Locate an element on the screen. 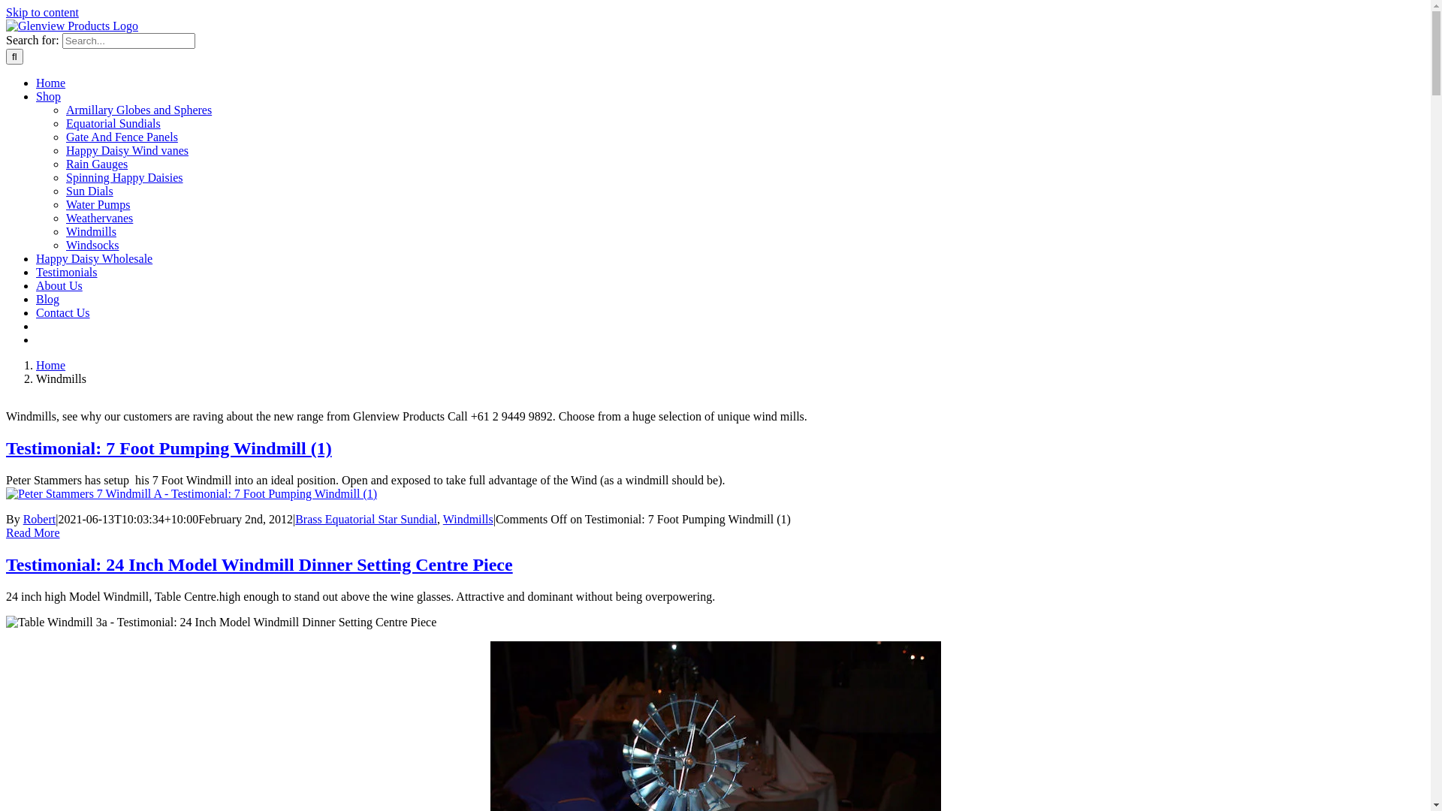  'Happy Daisy Wind vanes' is located at coordinates (65, 150).